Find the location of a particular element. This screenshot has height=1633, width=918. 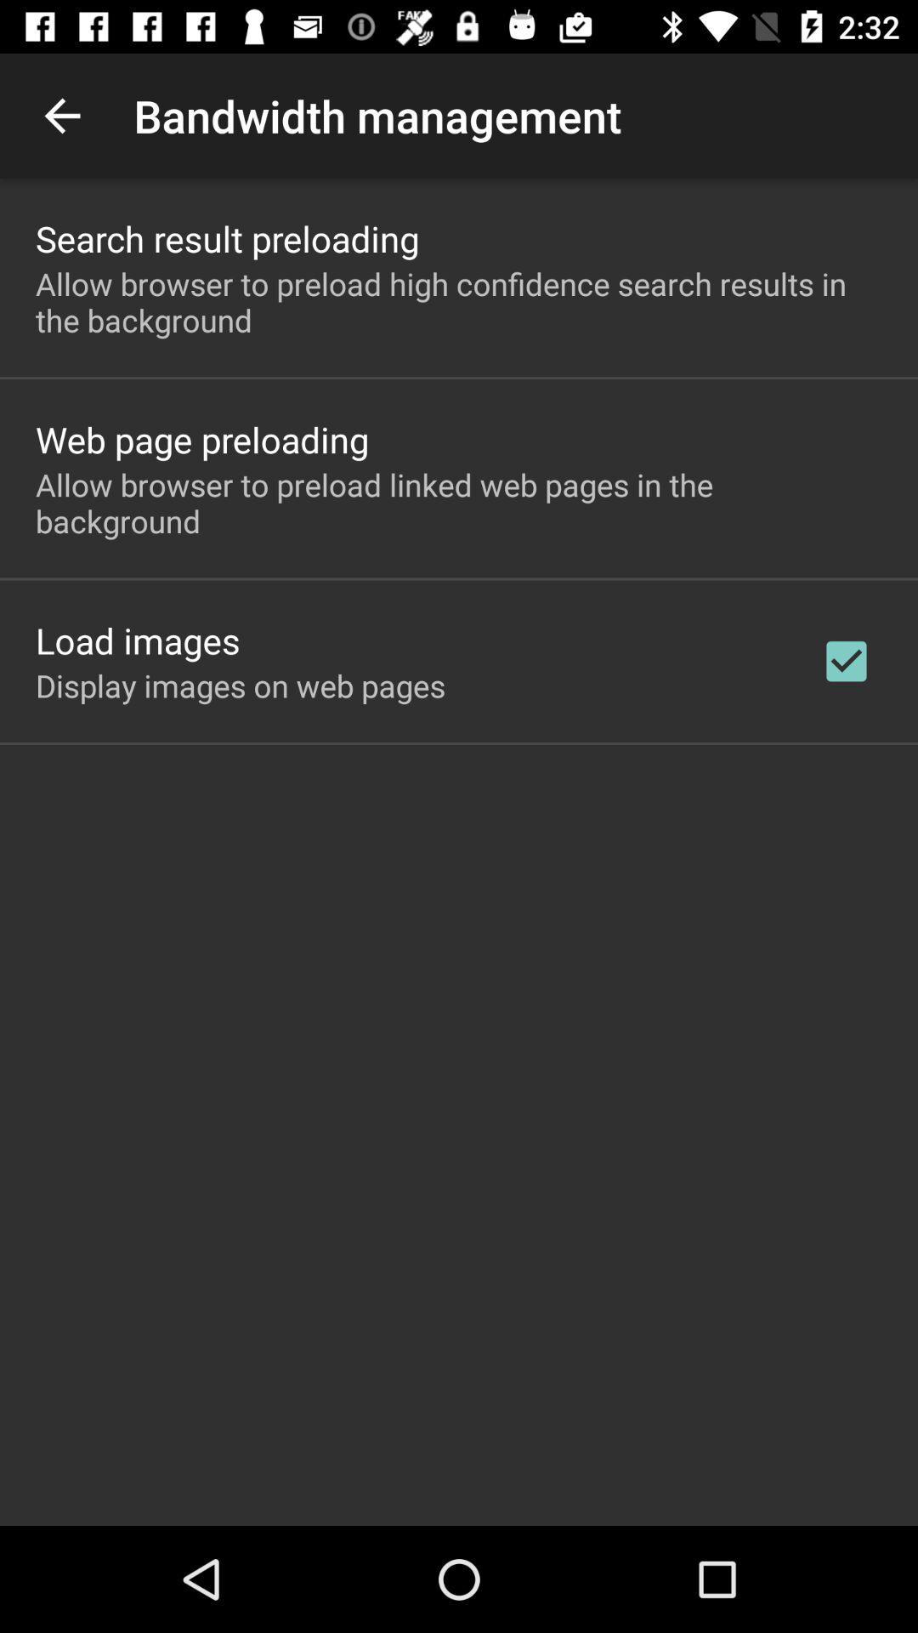

search result preloading is located at coordinates (226, 237).